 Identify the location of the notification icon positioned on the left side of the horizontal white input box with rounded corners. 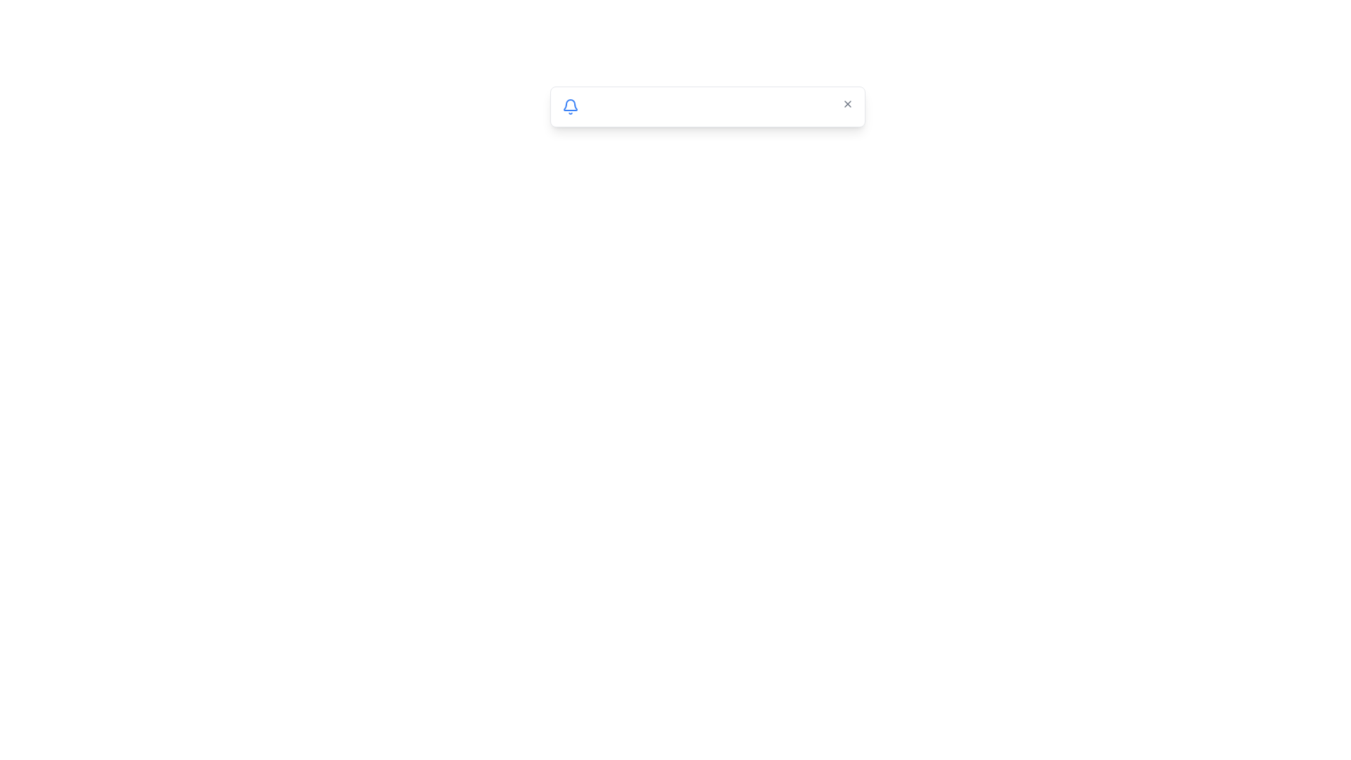
(571, 104).